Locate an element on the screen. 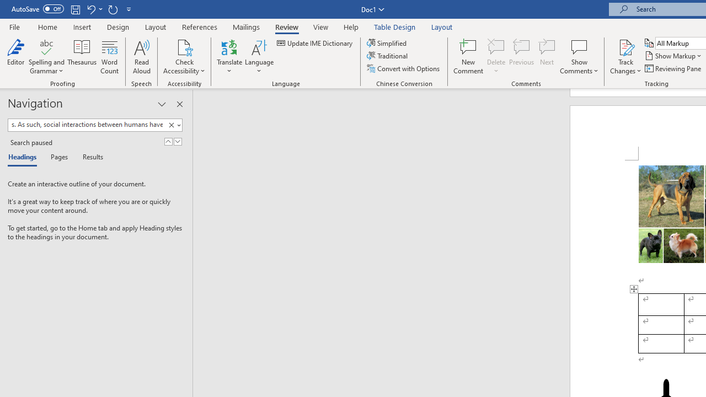 This screenshot has width=706, height=397. 'Simplified' is located at coordinates (387, 42).